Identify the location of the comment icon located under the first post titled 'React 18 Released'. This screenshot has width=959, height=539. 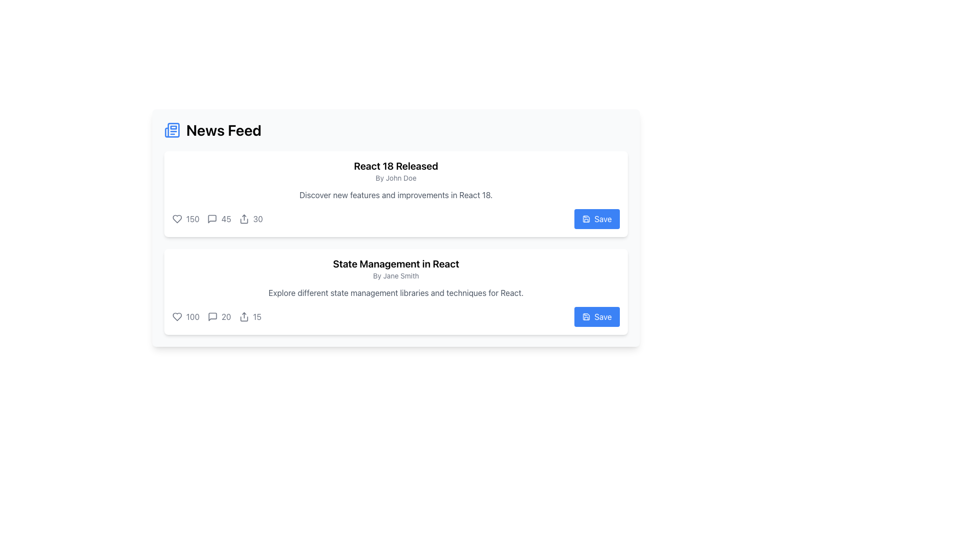
(212, 219).